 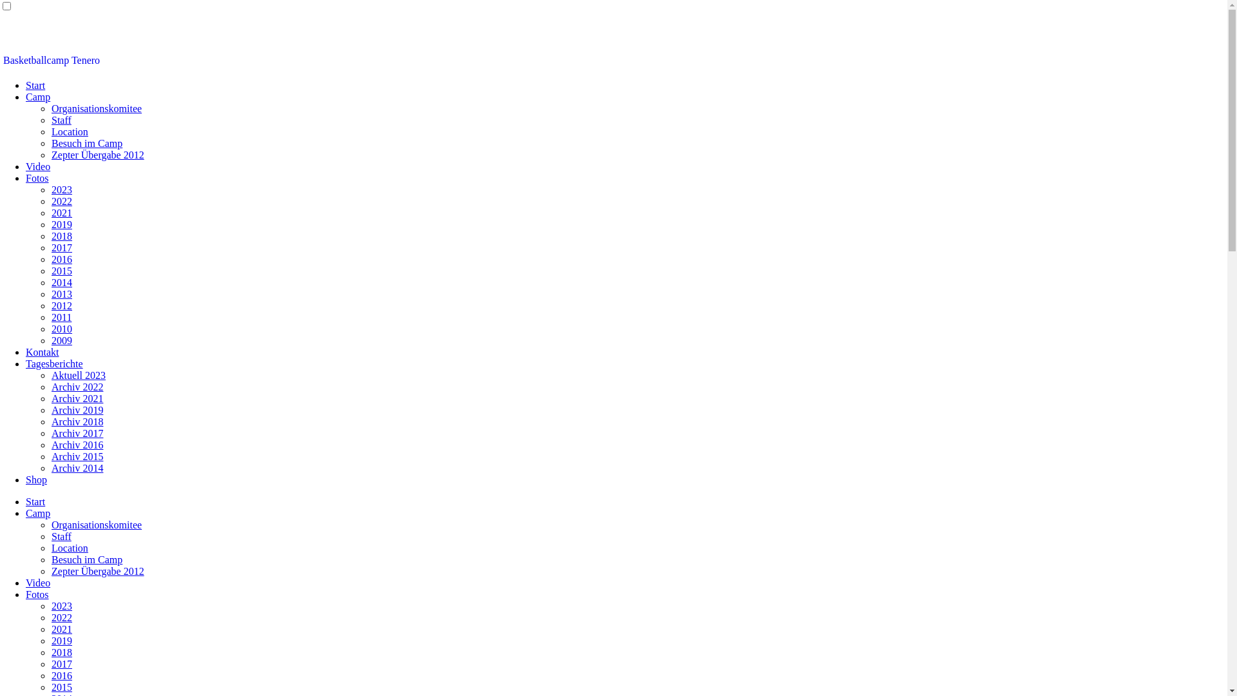 I want to click on 'Organisationskomitee', so click(x=52, y=108).